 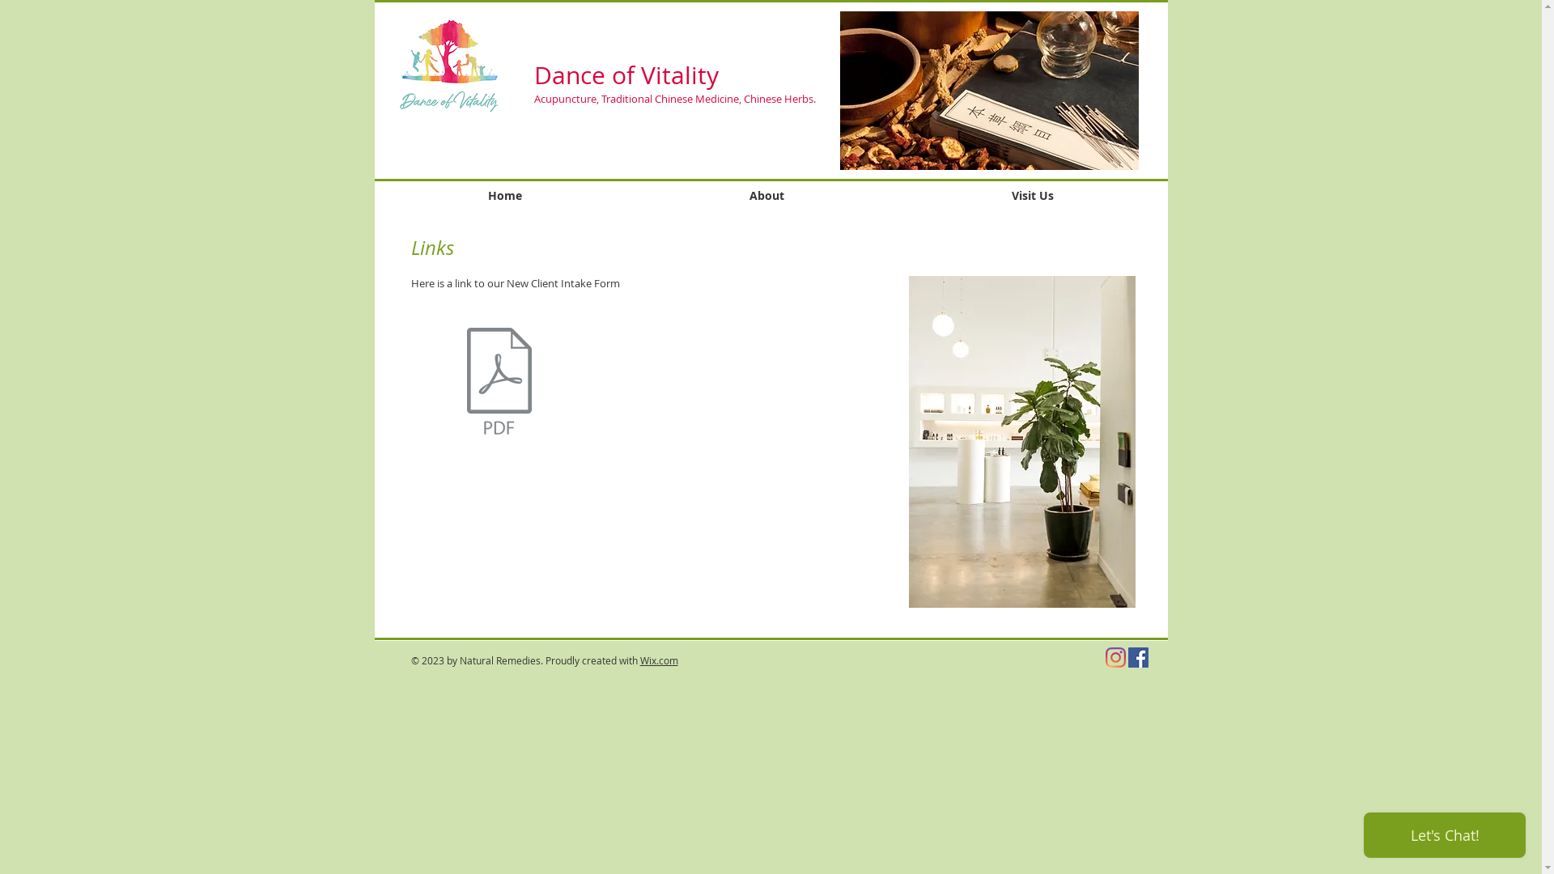 I want to click on 'New Client Intake Form 2020.pdf', so click(x=499, y=384).